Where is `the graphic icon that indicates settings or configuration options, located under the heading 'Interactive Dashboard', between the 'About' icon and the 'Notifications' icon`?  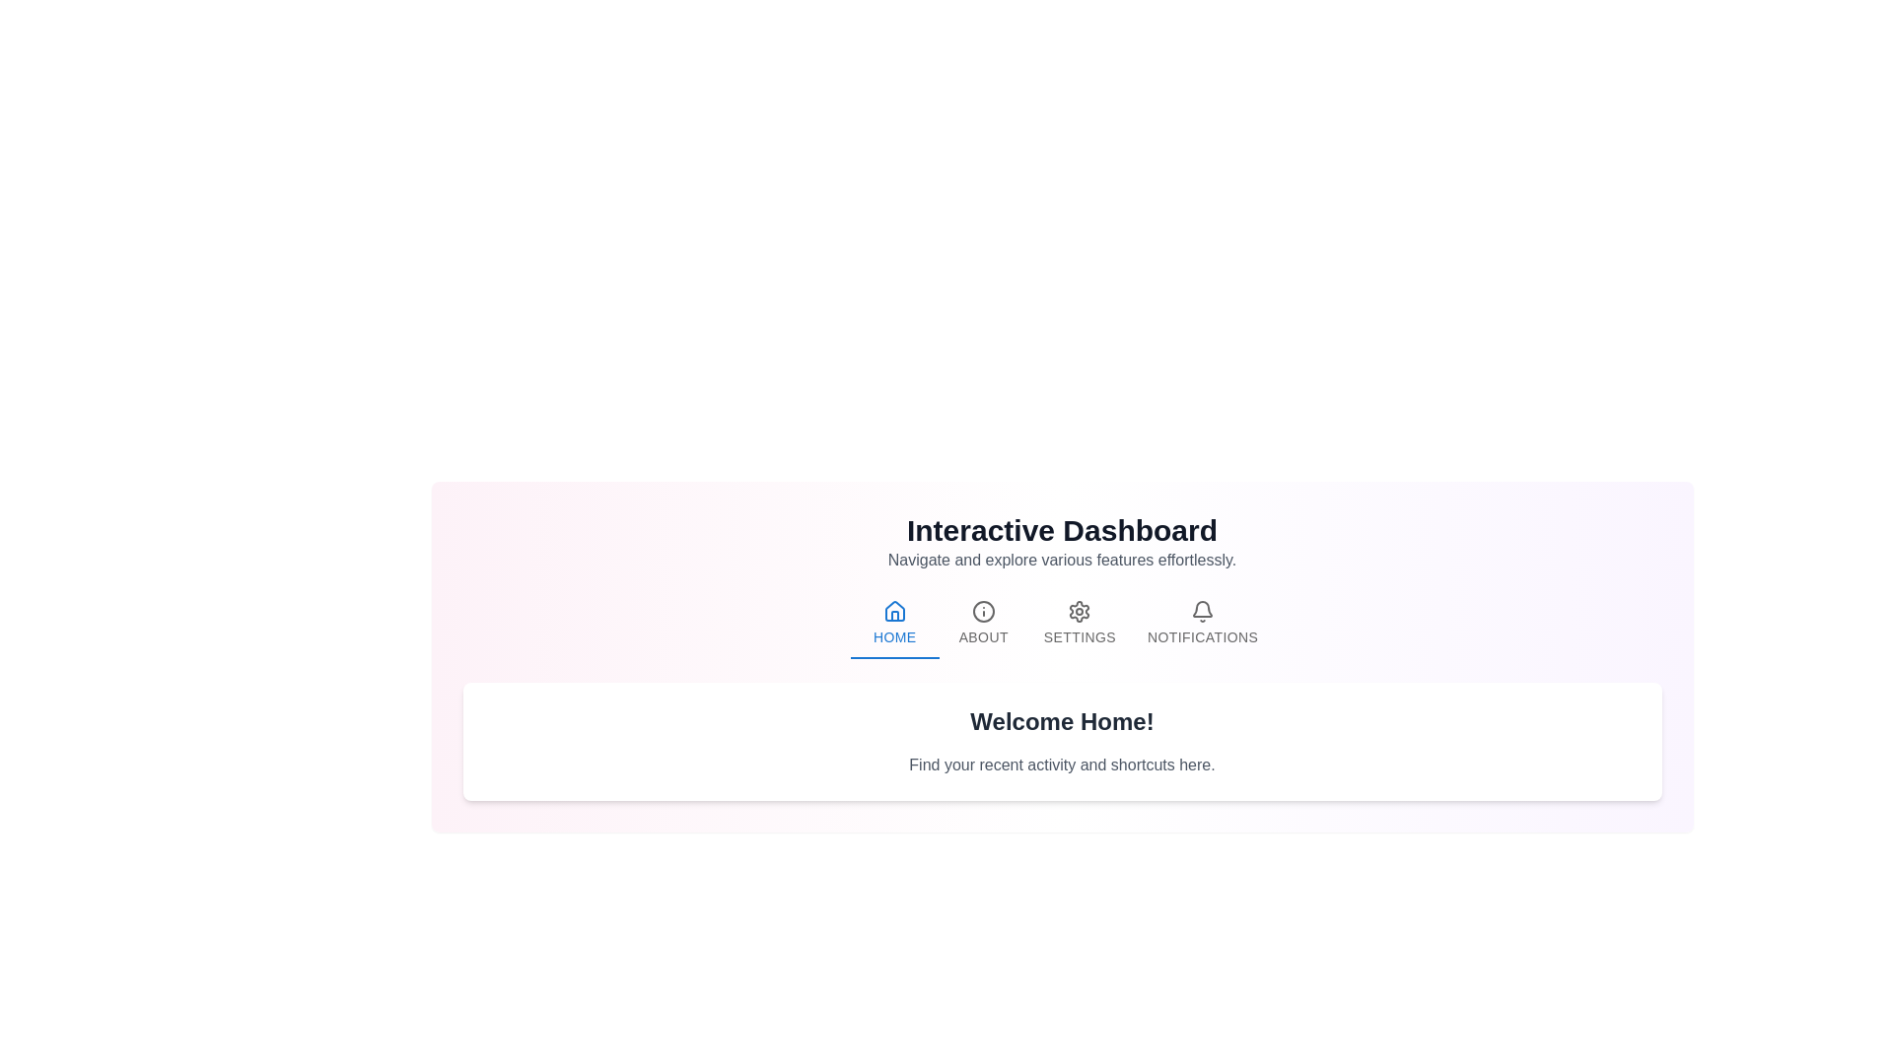
the graphic icon that indicates settings or configuration options, located under the heading 'Interactive Dashboard', between the 'About' icon and the 'Notifications' icon is located at coordinates (1079, 611).